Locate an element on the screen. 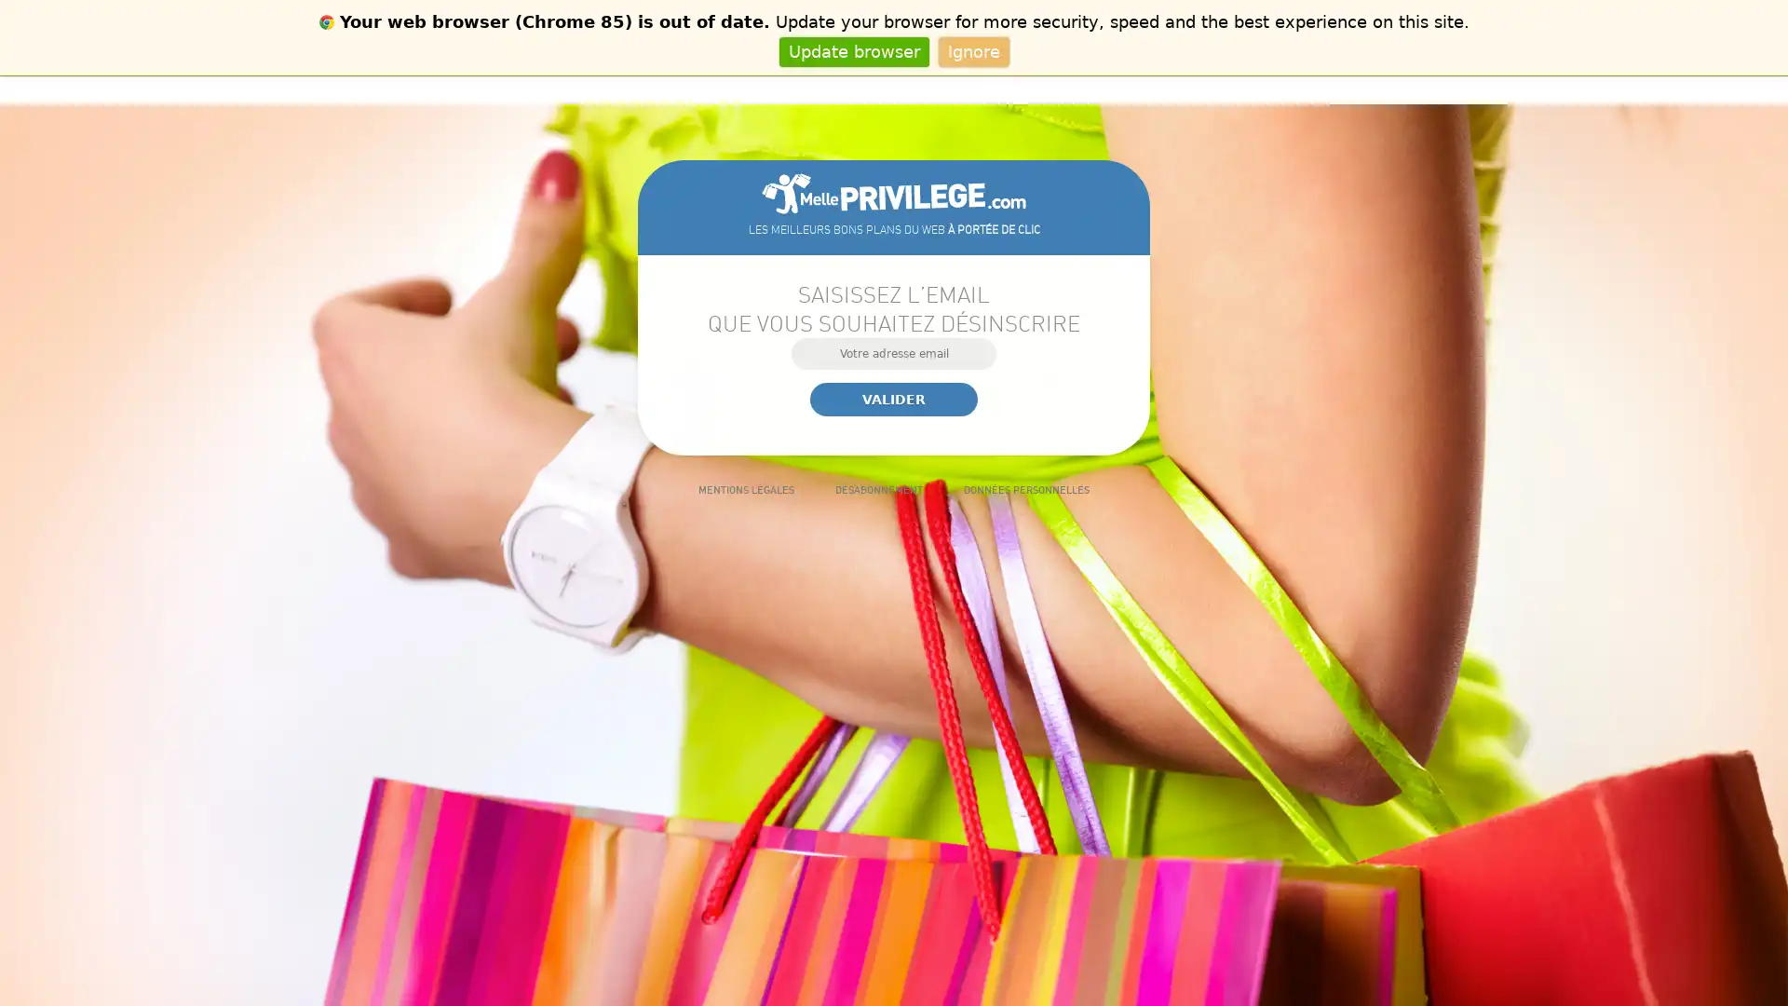  Valider is located at coordinates (894, 398).